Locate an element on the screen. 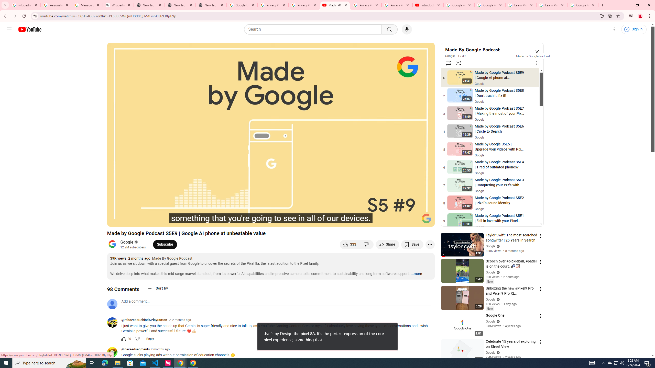  'Share' is located at coordinates (387, 244).